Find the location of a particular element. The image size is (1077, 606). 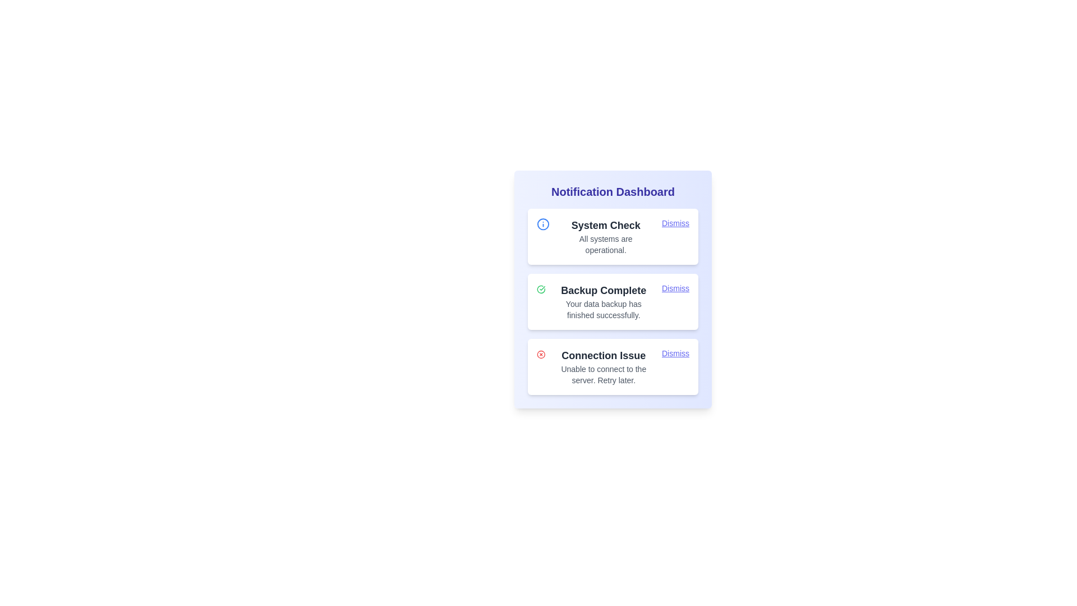

the text label displaying 'Connection Issue', which is styled in bold, large gray font and is located in the third notification card at the bottom of the notification dashboard is located at coordinates (603, 355).